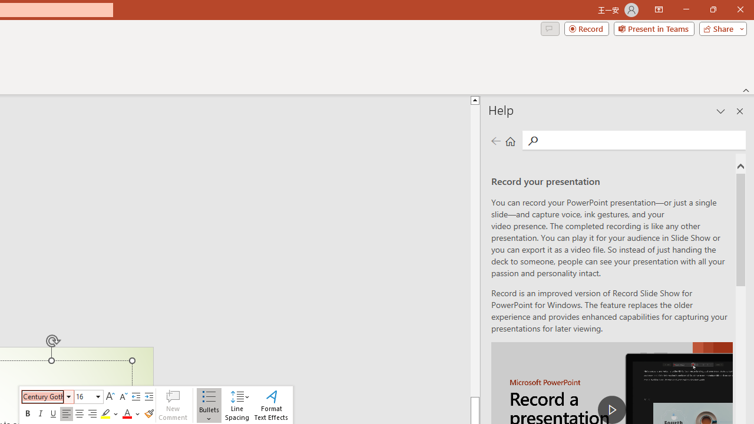 The image size is (754, 424). I want to click on 'Format Text Effects...', so click(270, 405).